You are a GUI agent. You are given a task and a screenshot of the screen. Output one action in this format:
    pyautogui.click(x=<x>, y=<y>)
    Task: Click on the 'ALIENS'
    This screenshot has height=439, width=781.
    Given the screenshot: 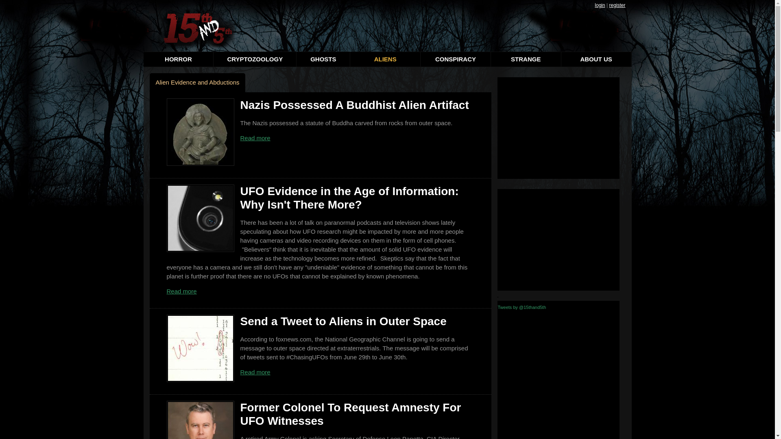 What is the action you would take?
    pyautogui.click(x=385, y=59)
    